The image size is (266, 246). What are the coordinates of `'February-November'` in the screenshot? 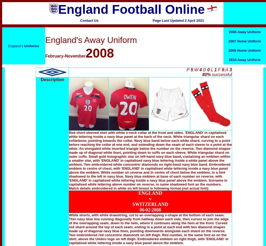 It's located at (45, 56).